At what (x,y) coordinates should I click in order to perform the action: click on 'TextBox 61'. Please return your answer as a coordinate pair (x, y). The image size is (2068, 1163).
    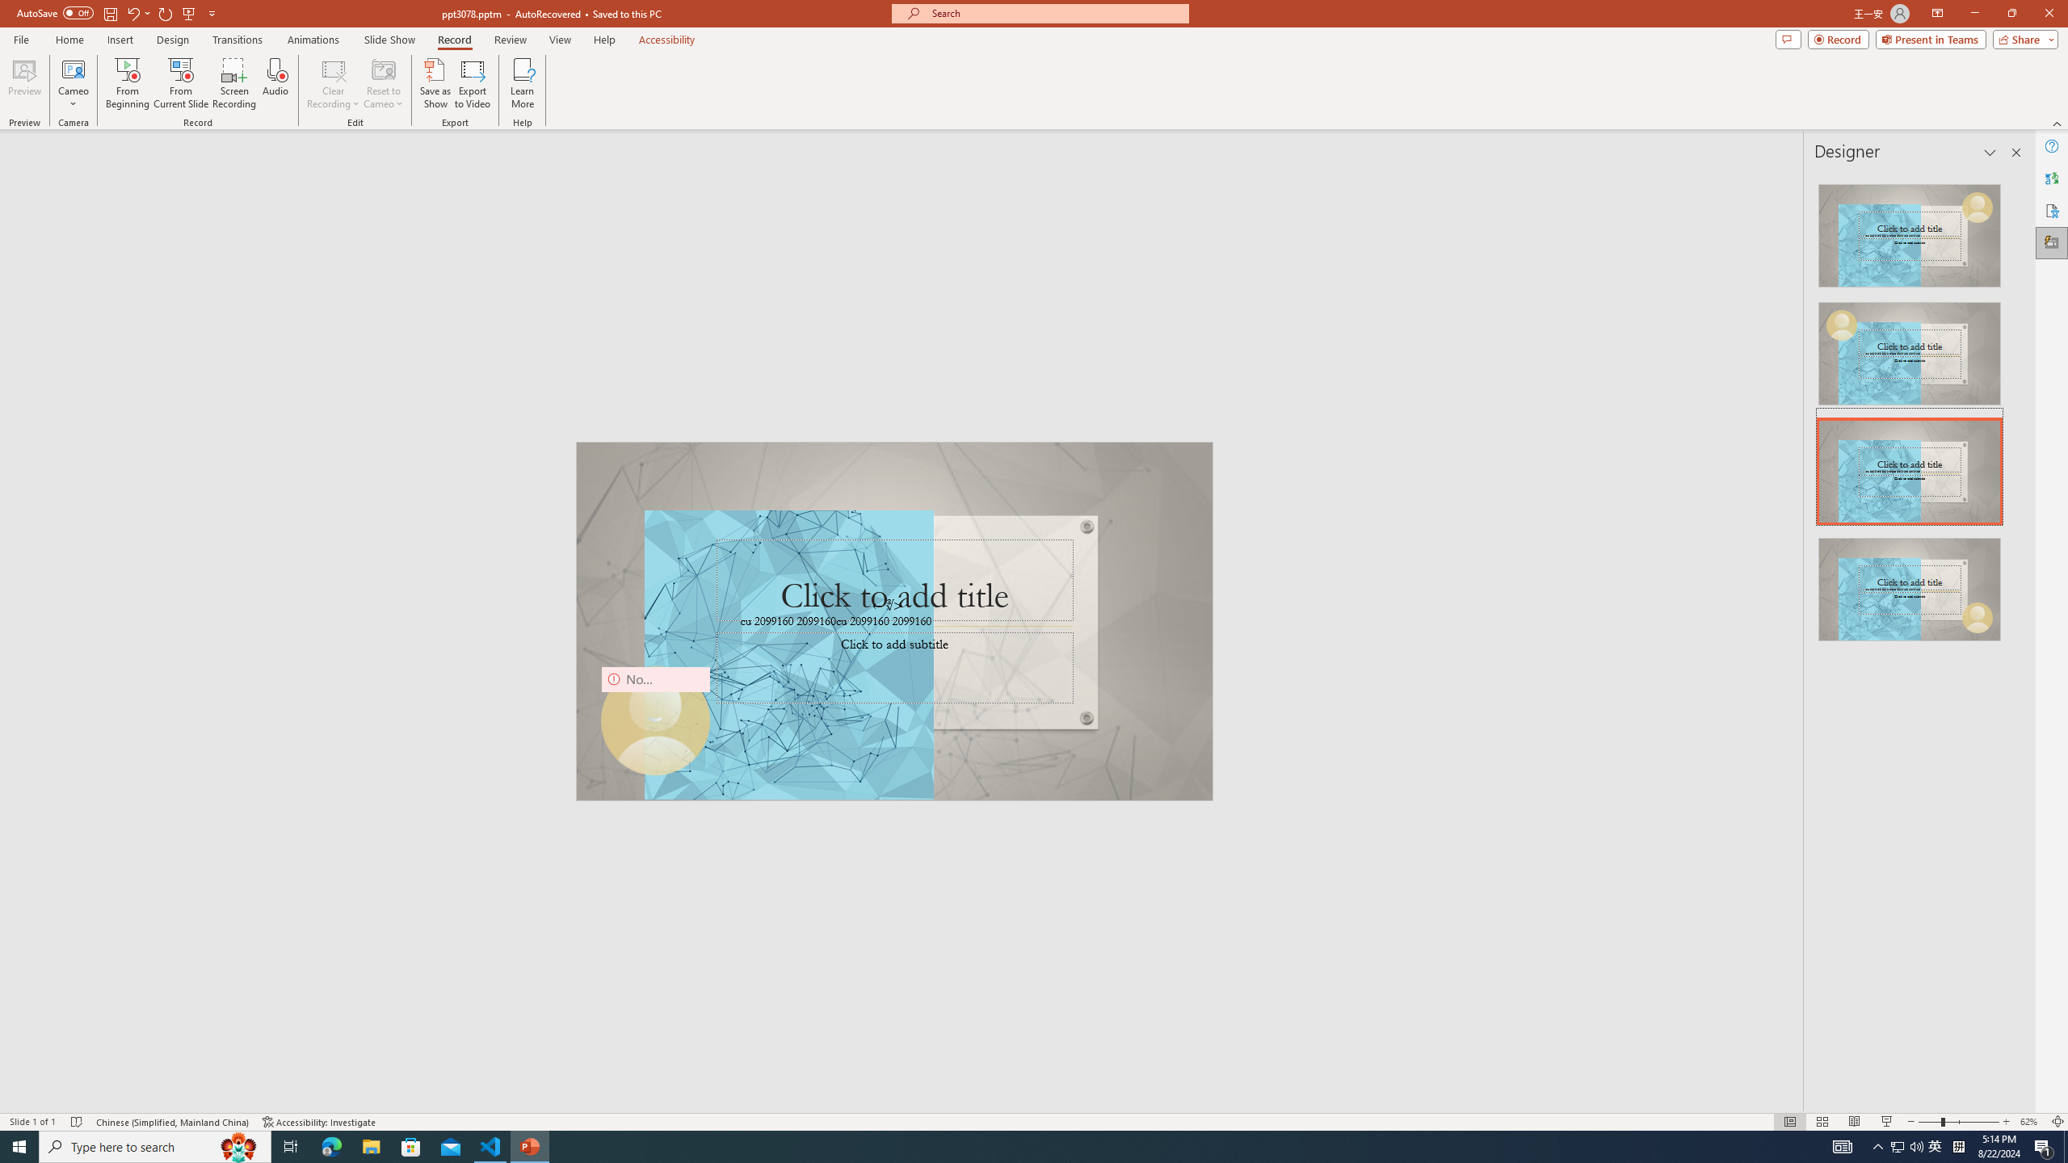
    Looking at the image, I should click on (892, 622).